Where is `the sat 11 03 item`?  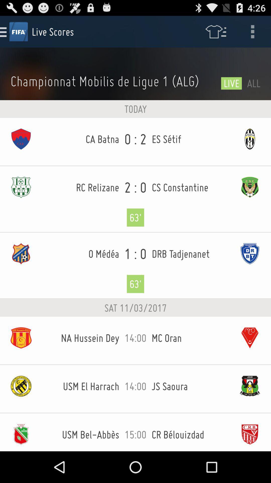 the sat 11 03 item is located at coordinates (135, 308).